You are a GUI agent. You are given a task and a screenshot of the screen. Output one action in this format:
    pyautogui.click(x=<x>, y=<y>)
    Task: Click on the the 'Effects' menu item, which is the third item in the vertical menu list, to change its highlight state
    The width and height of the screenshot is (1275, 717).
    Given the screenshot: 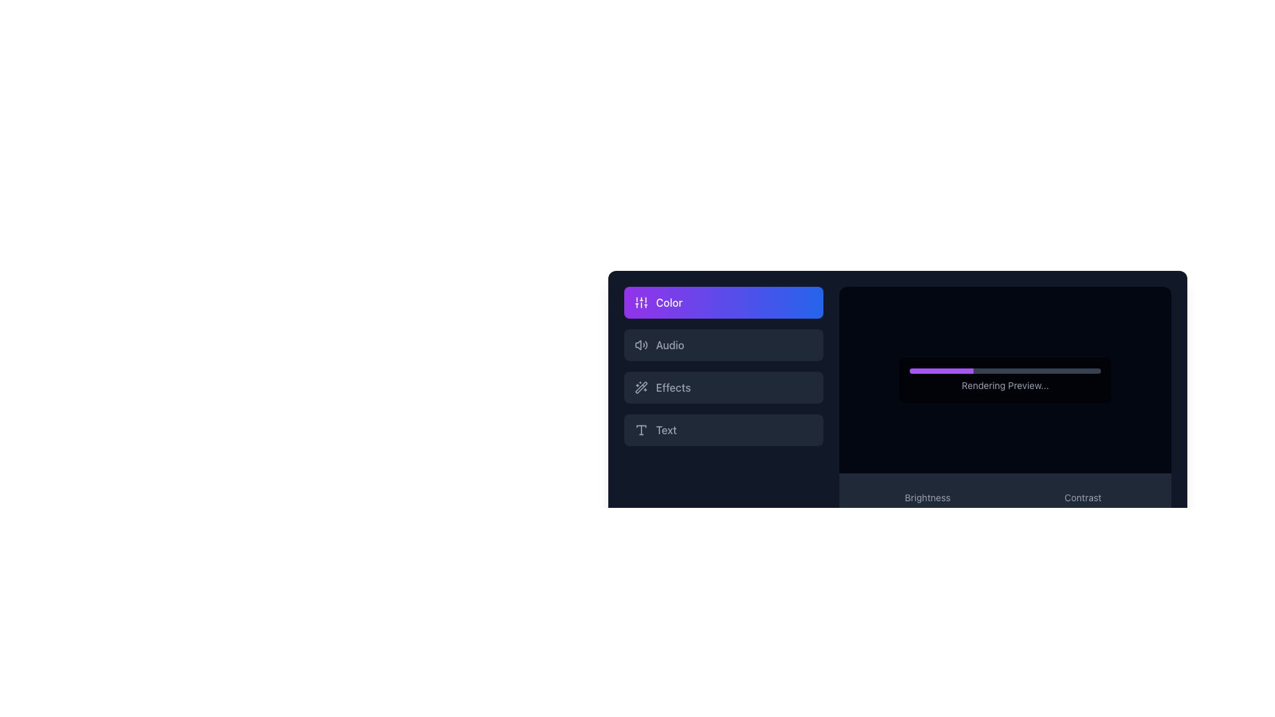 What is the action you would take?
    pyautogui.click(x=722, y=387)
    